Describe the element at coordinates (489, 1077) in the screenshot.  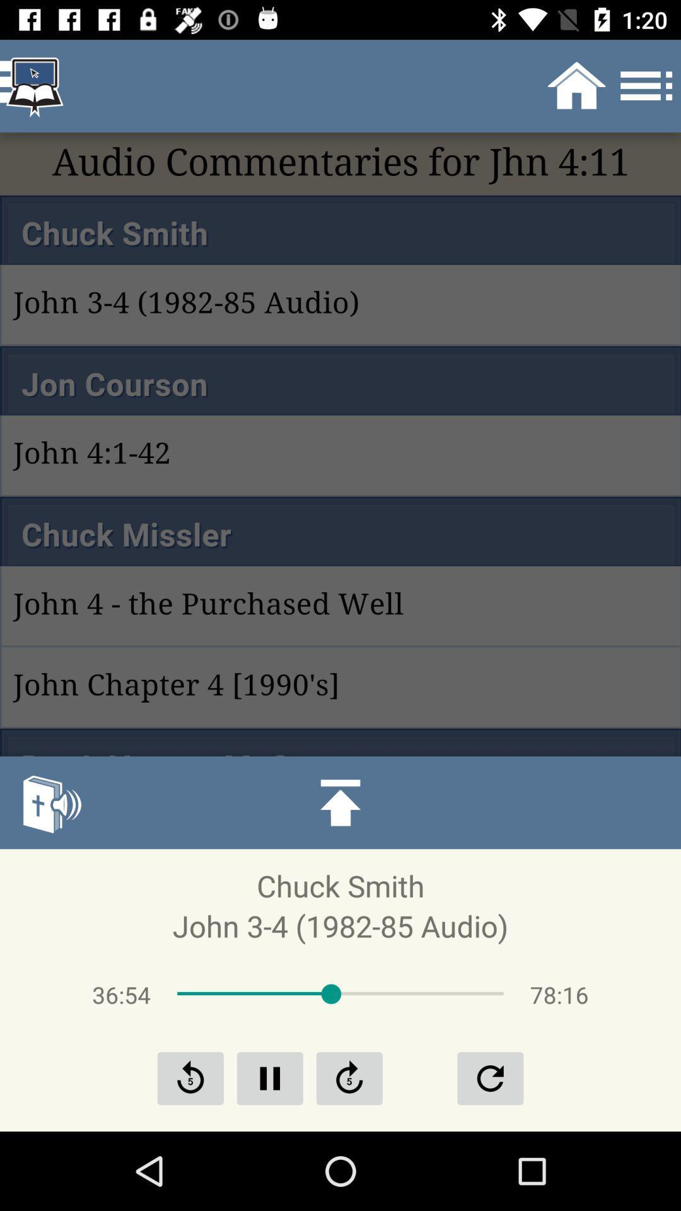
I see `replay the audio` at that location.